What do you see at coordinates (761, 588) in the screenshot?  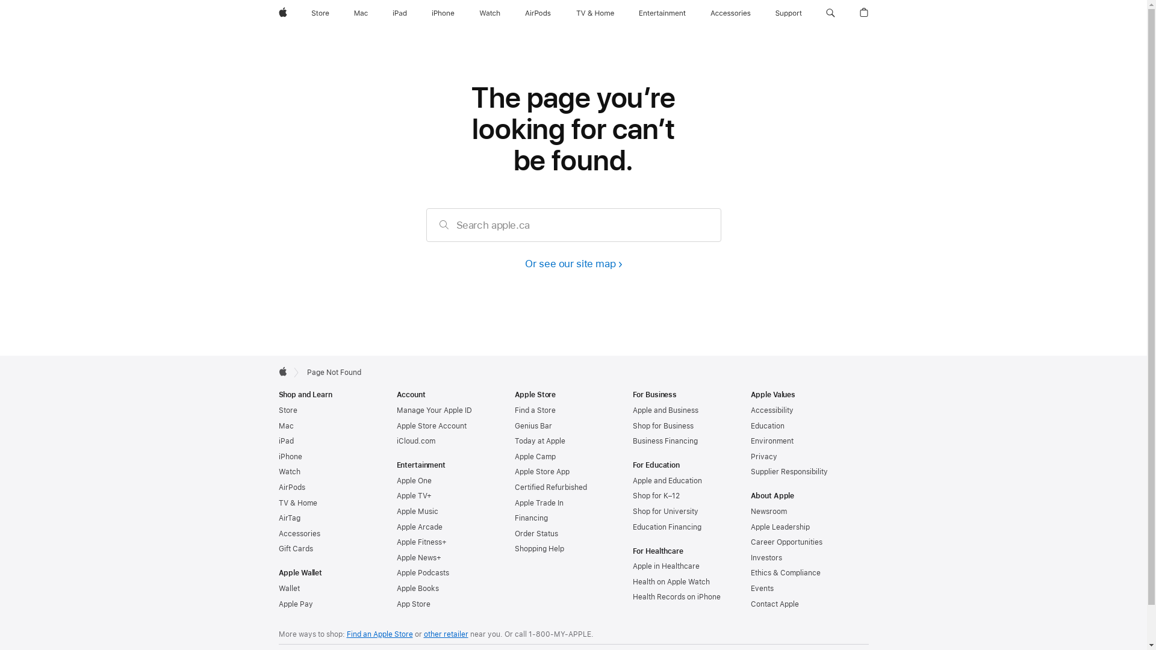 I see `'Events'` at bounding box center [761, 588].